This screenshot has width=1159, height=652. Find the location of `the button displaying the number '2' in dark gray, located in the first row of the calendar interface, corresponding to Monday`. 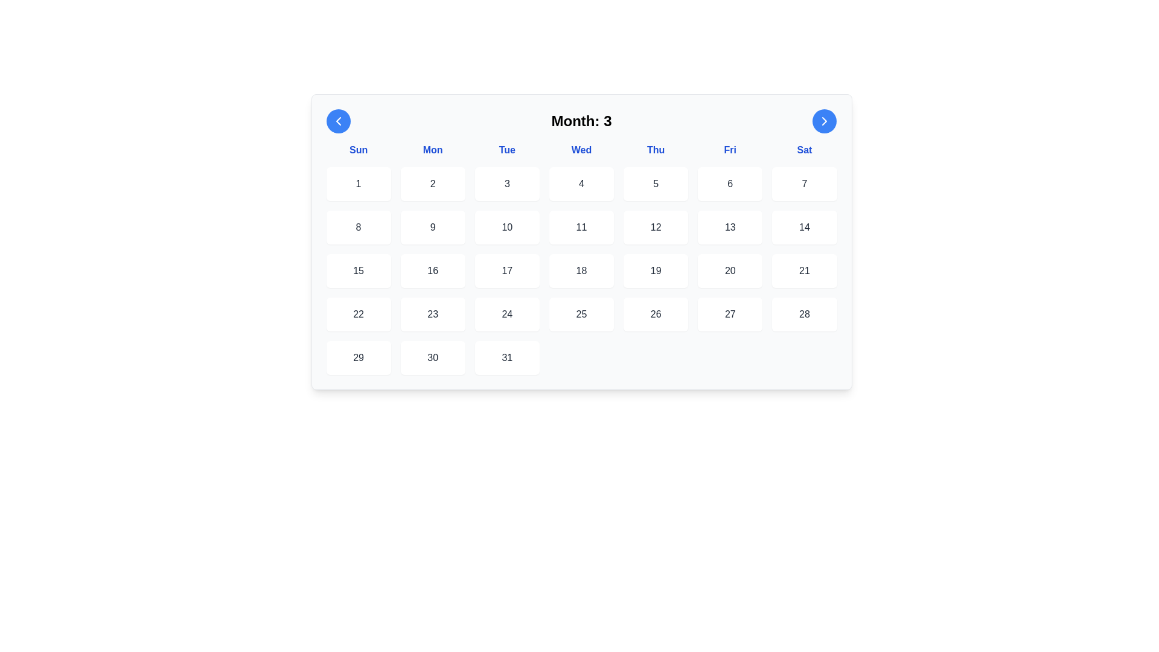

the button displaying the number '2' in dark gray, located in the first row of the calendar interface, corresponding to Monday is located at coordinates (433, 184).